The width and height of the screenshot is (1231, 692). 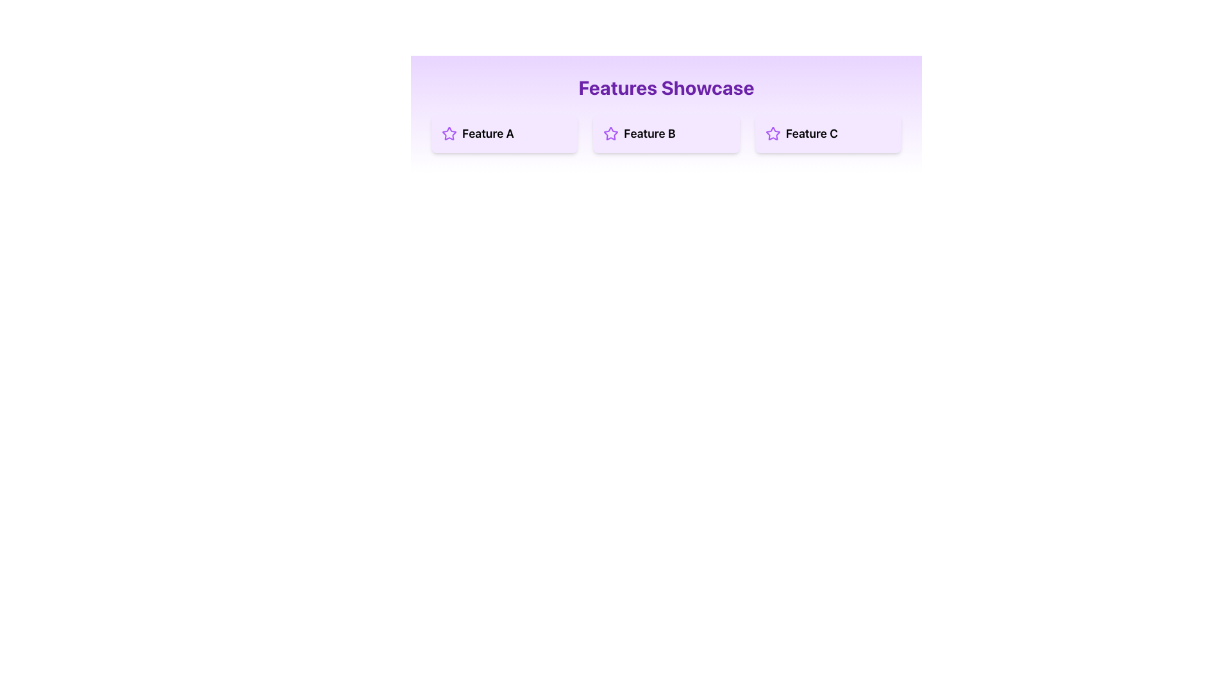 What do you see at coordinates (504, 133) in the screenshot?
I see `the non-interactive decorative card representing 'Feature A', which highlights the feature with an icon and a label. This card is the first in a horizontal grid layout under the 'Features Showcase' section` at bounding box center [504, 133].